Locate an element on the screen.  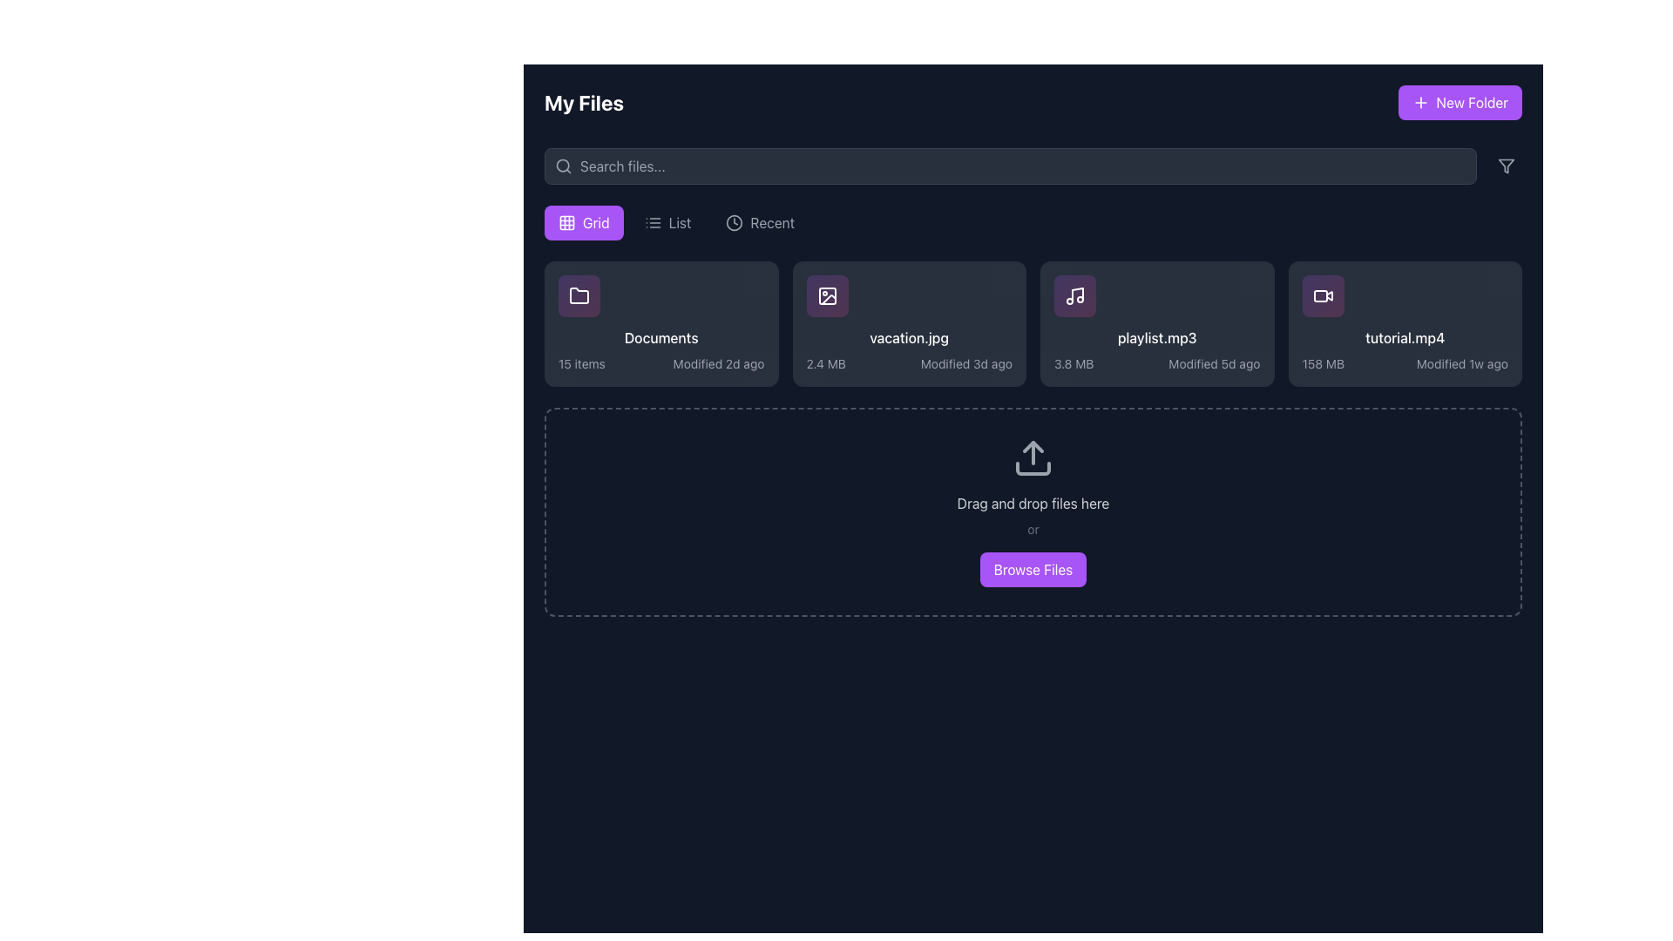
displayed text 'tutorial.mp4' from the text label located in the rightmost grid item below the 'play' icon is located at coordinates (1405, 338).